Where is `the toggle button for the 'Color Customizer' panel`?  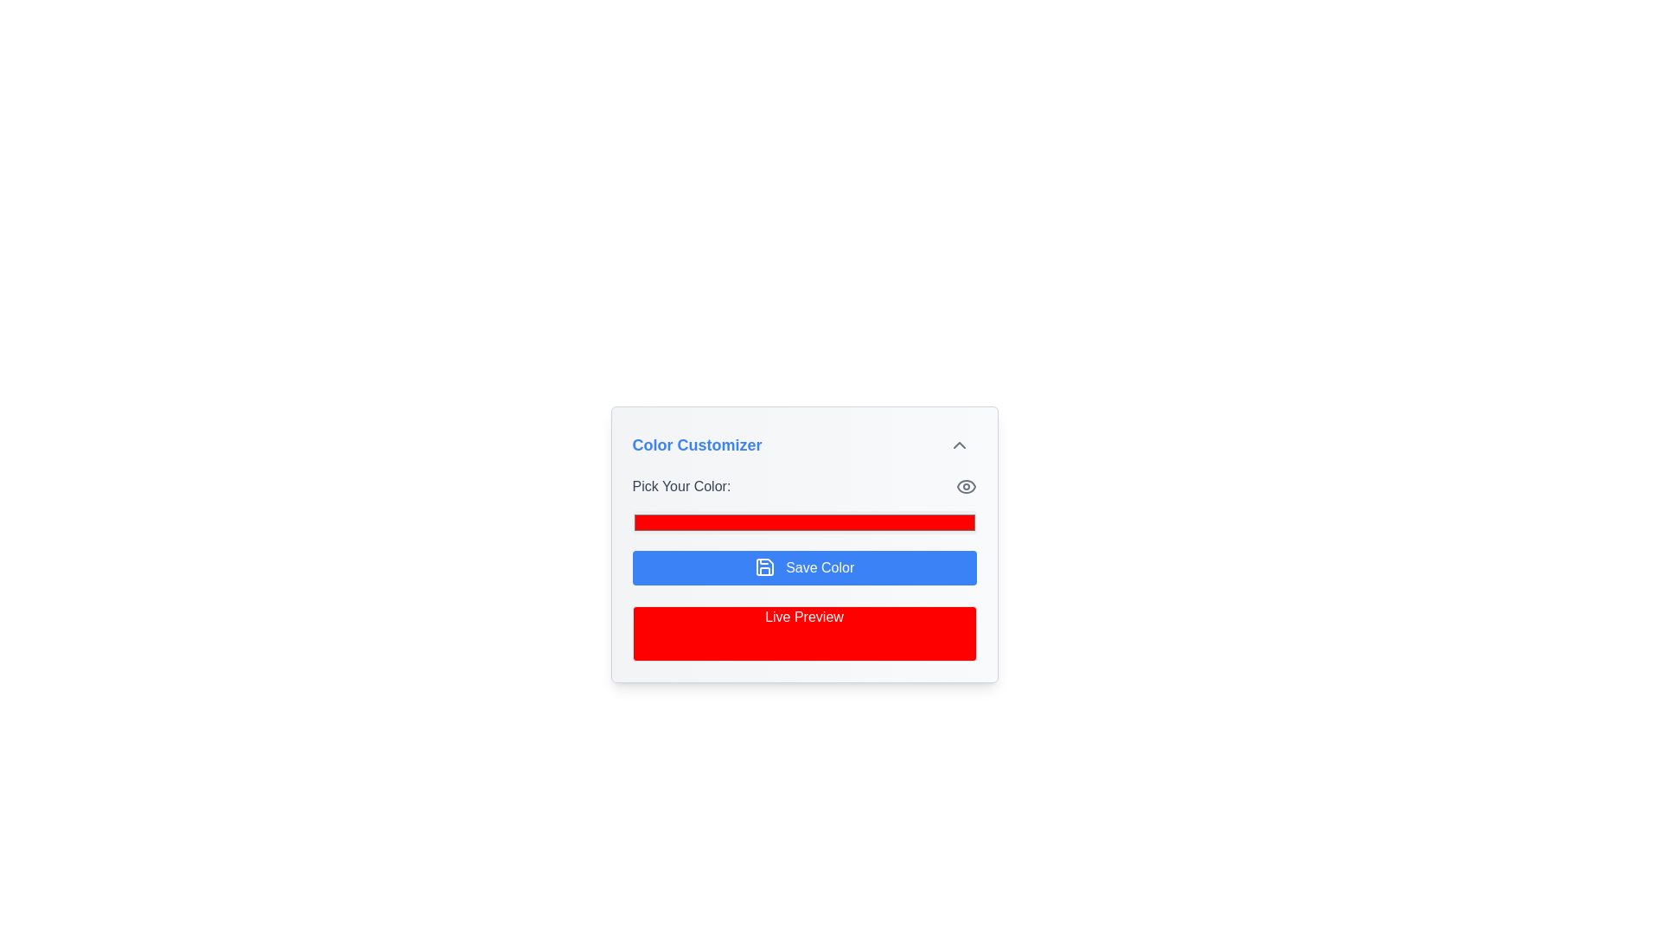 the toggle button for the 'Color Customizer' panel is located at coordinates (958, 445).